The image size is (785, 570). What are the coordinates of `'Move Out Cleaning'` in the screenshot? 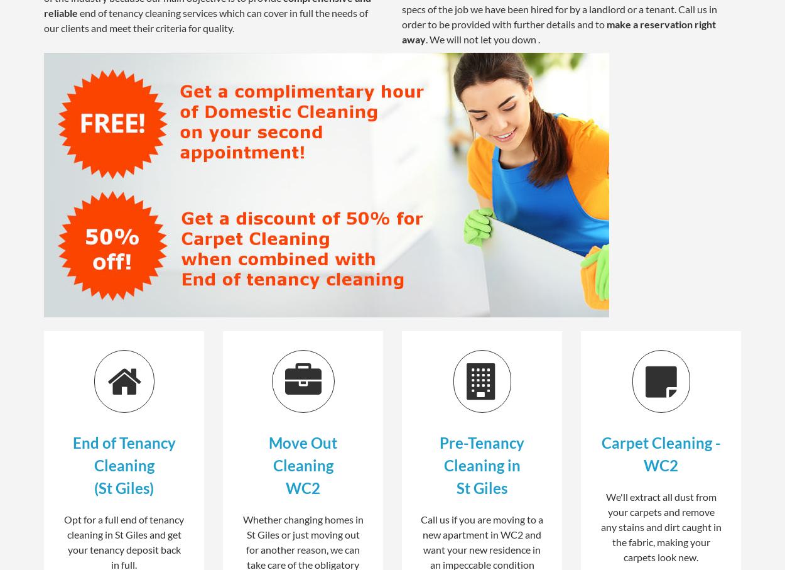 It's located at (302, 453).